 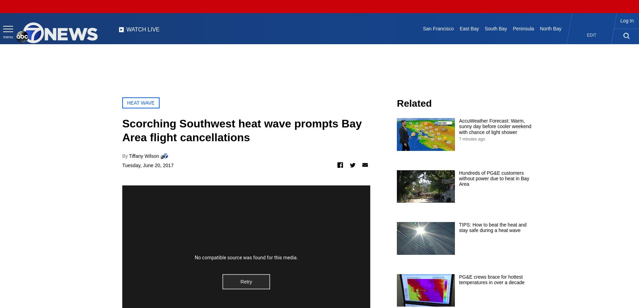 What do you see at coordinates (493, 227) in the screenshot?
I see `'TIPS: How to beat the heat and stay safe during a heat wave'` at bounding box center [493, 227].